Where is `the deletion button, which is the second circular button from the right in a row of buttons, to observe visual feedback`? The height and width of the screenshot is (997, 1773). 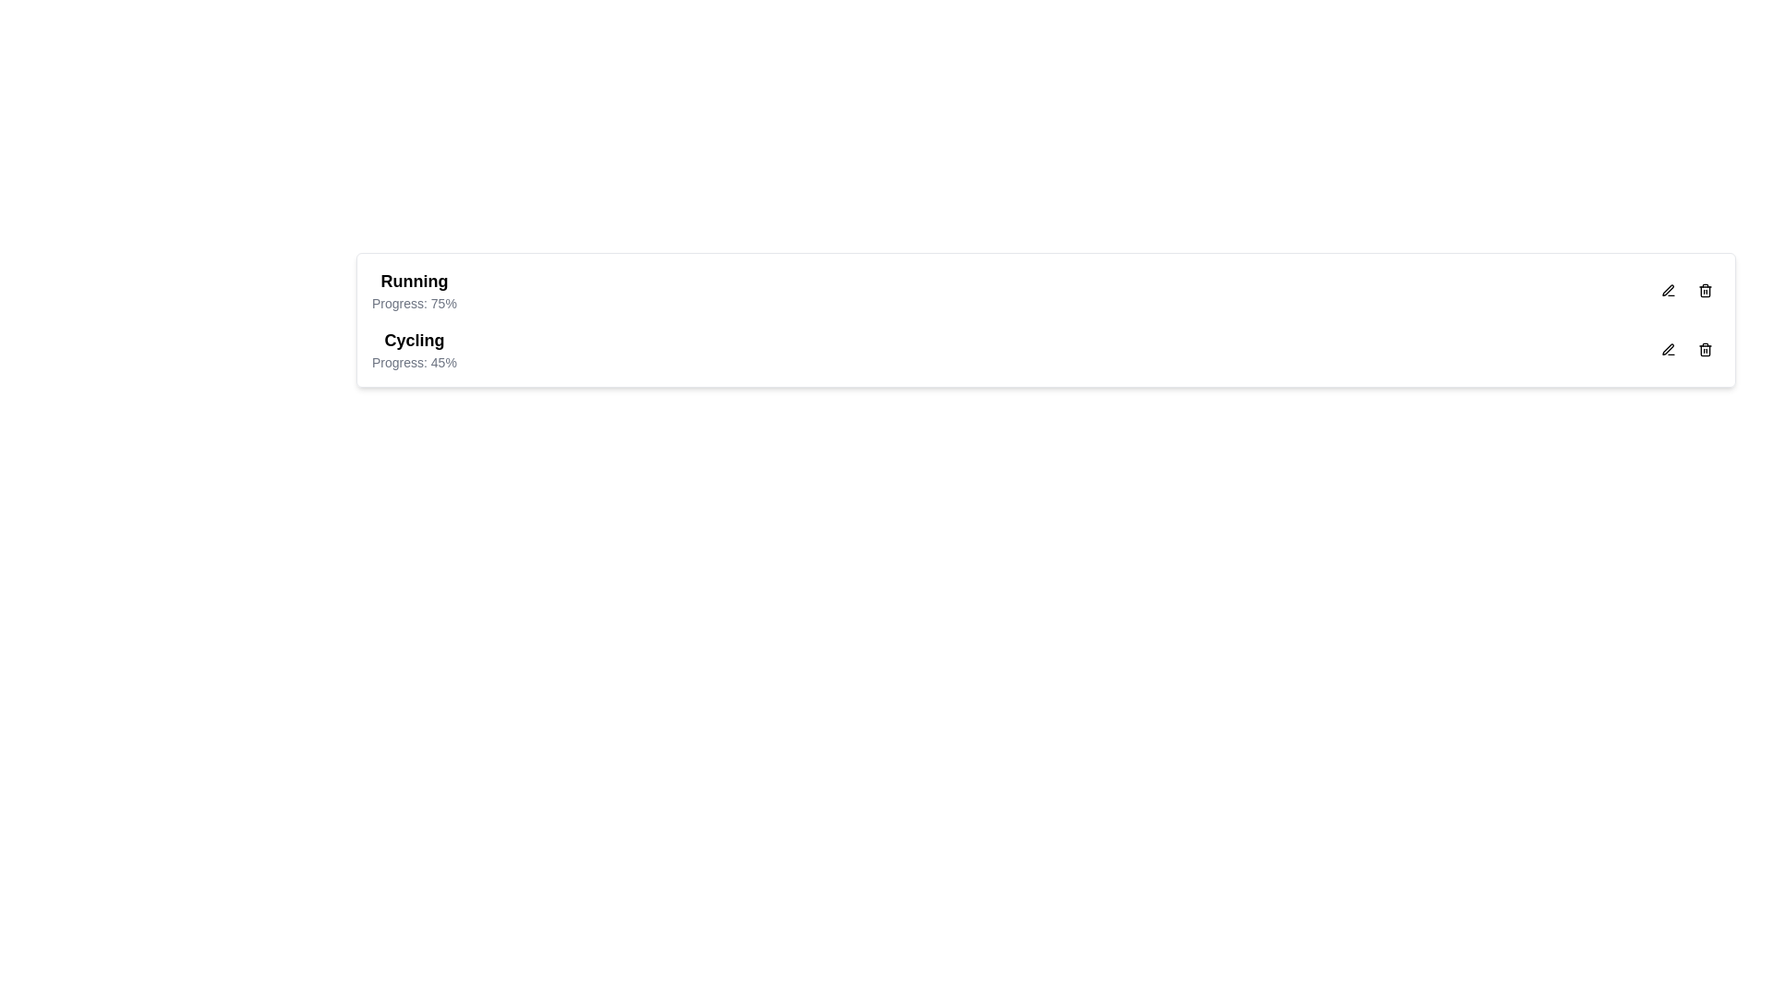
the deletion button, which is the second circular button from the right in a row of buttons, to observe visual feedback is located at coordinates (1705, 291).